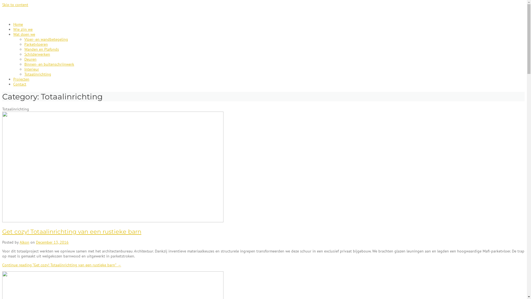  What do you see at coordinates (41, 49) in the screenshot?
I see `'Wanden en Plafonds'` at bounding box center [41, 49].